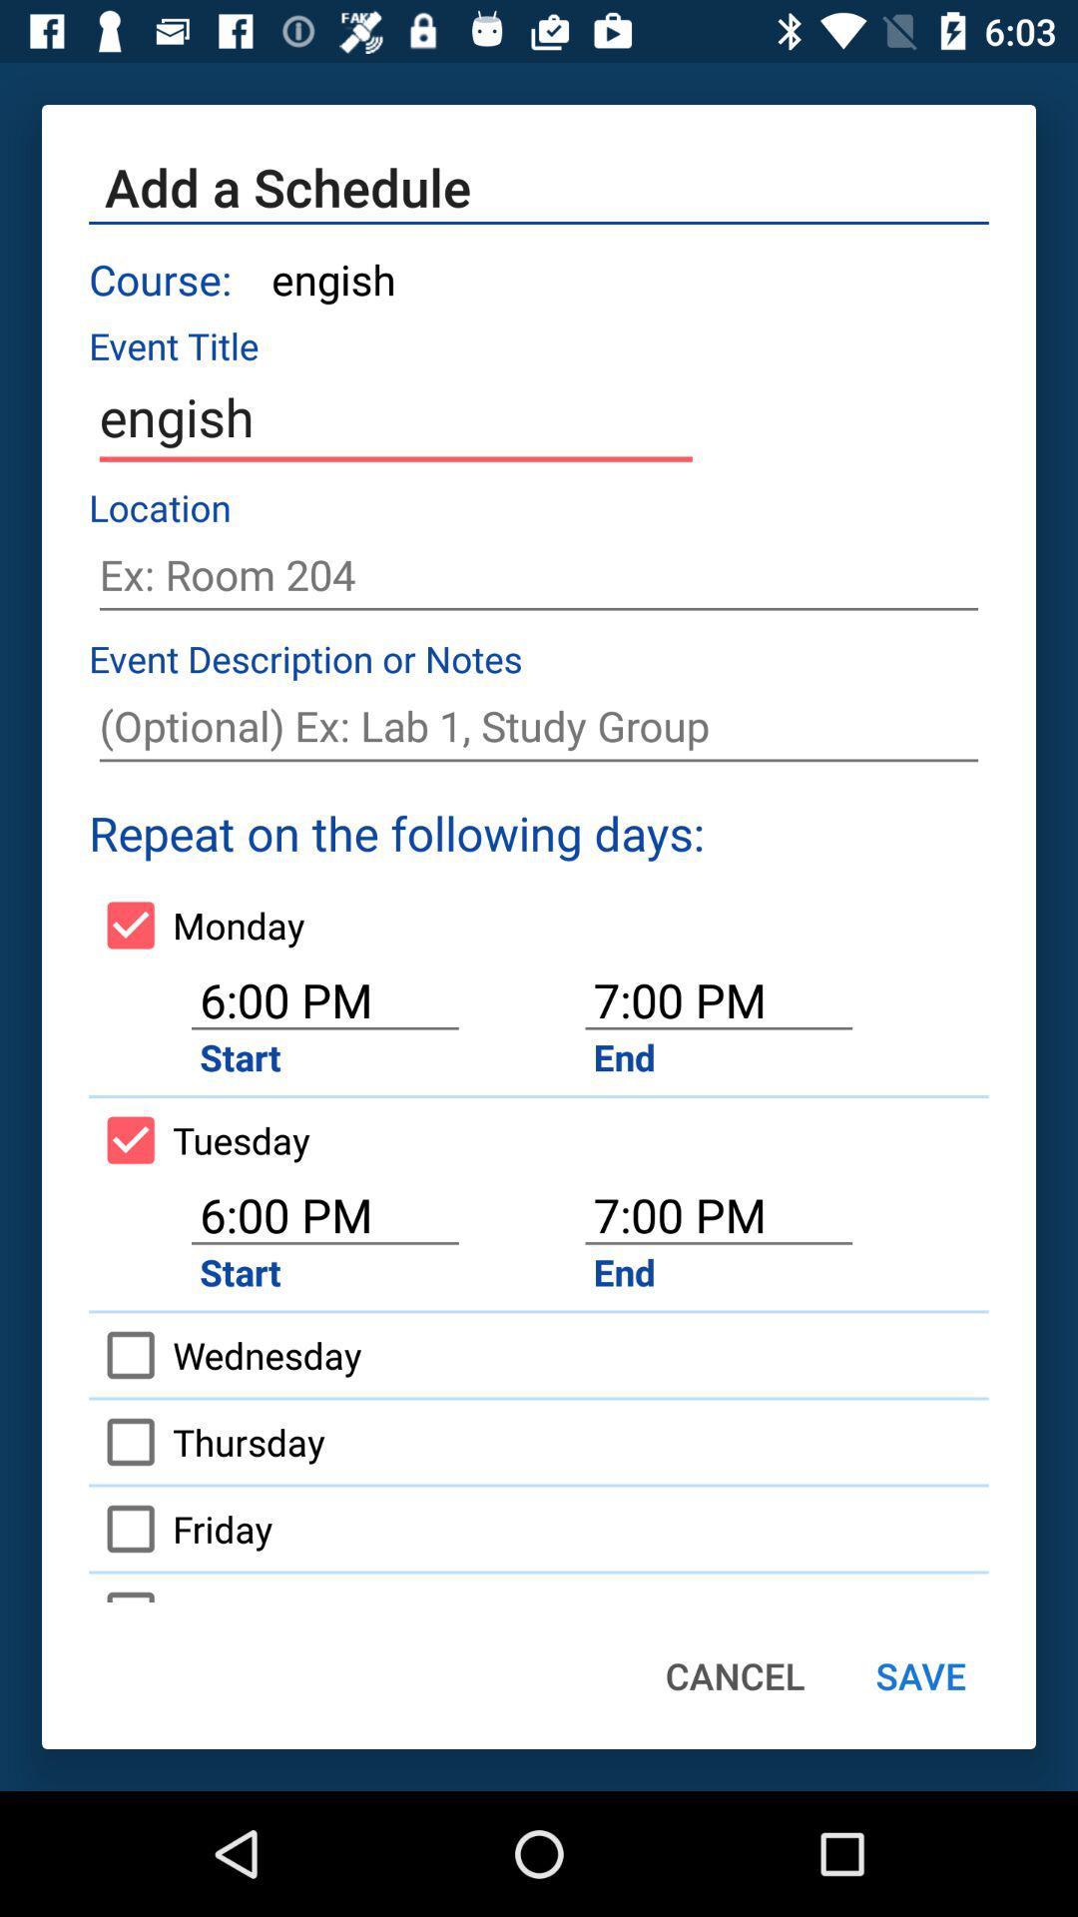  Describe the element at coordinates (207, 1442) in the screenshot. I see `thursday item` at that location.